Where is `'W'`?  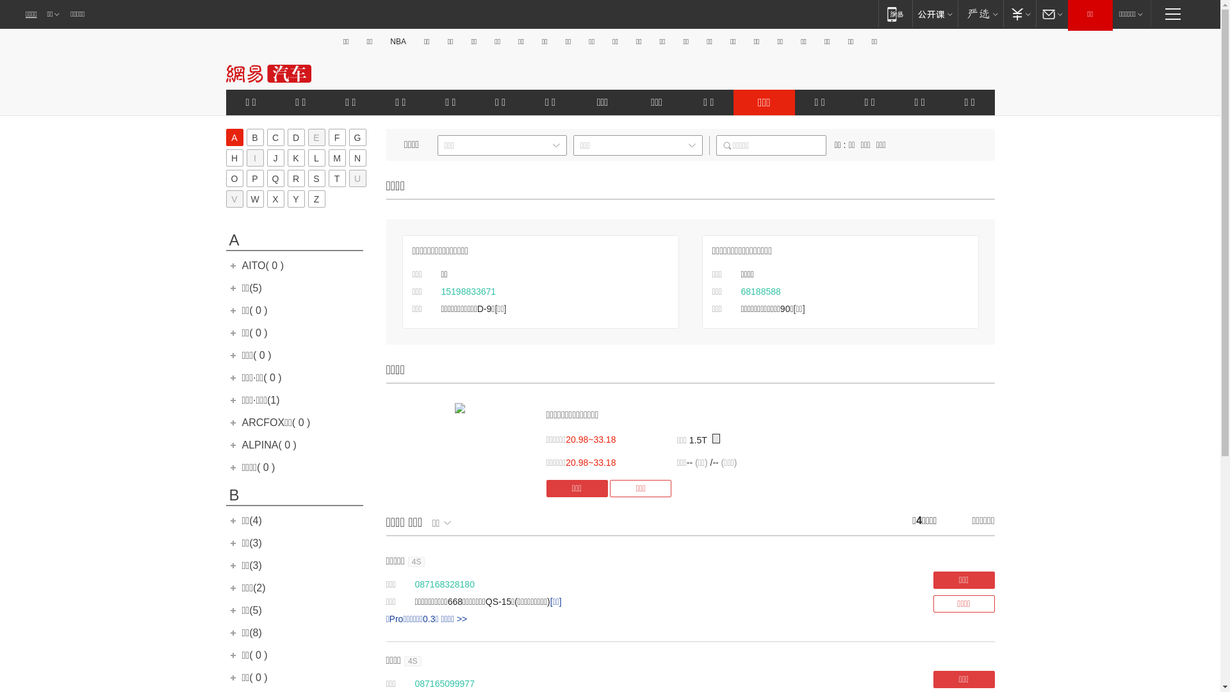
'W' is located at coordinates (254, 199).